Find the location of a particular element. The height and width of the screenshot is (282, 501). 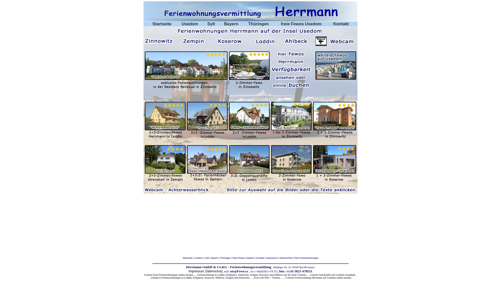

'Sylt' is located at coordinates (211, 24).